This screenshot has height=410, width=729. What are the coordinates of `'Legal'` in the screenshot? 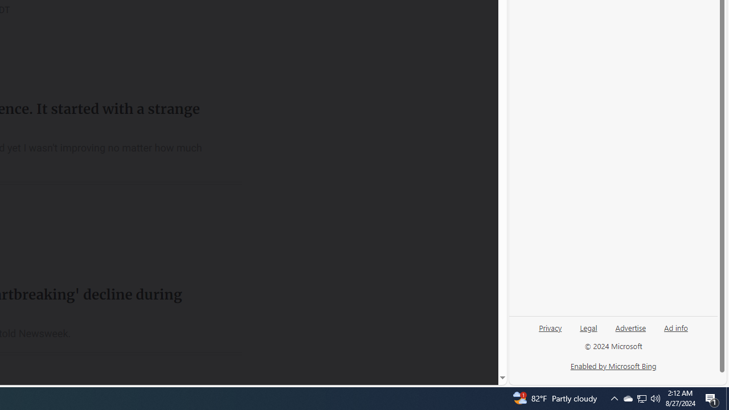 It's located at (588, 327).